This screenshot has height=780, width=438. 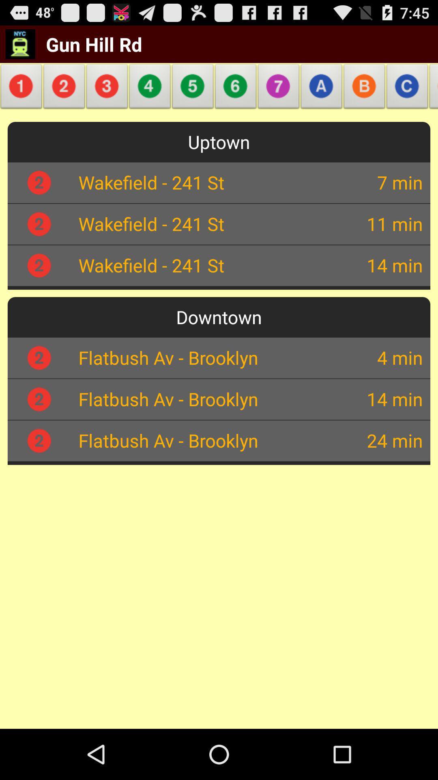 I want to click on icon above uptown icon, so click(x=278, y=89).